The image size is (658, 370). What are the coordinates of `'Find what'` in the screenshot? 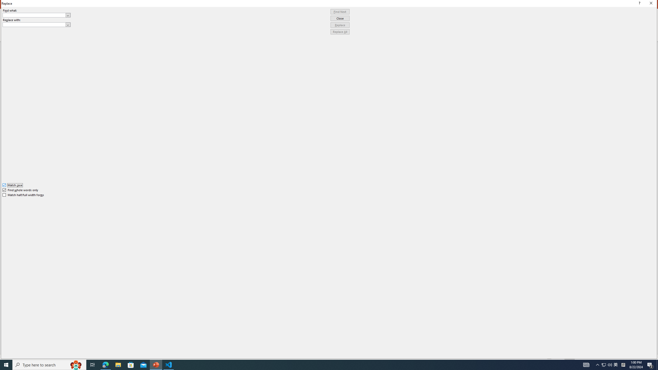 It's located at (36, 15).